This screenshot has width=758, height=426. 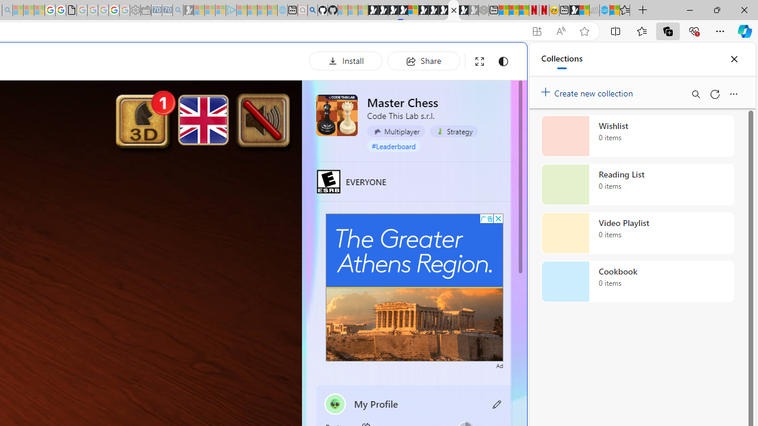 I want to click on 'EVERYONE', so click(x=328, y=182).